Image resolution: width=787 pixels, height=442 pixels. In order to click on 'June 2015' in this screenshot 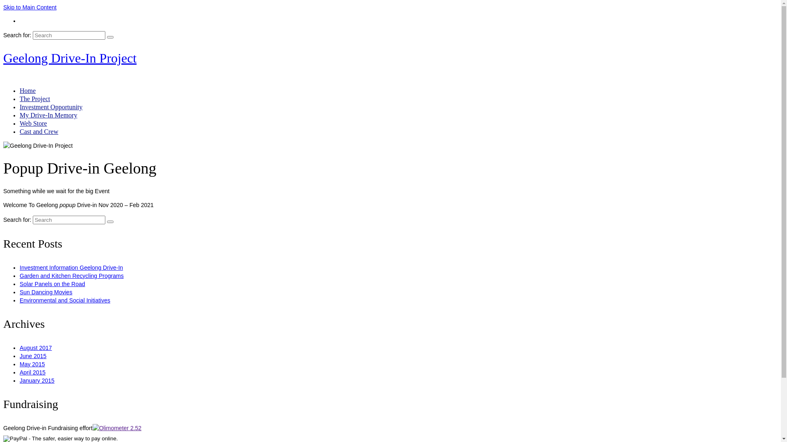, I will do `click(20, 356)`.